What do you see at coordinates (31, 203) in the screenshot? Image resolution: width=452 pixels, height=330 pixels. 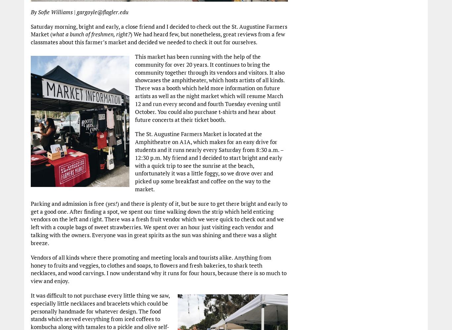 I see `'Parking and admission is free ('` at bounding box center [31, 203].